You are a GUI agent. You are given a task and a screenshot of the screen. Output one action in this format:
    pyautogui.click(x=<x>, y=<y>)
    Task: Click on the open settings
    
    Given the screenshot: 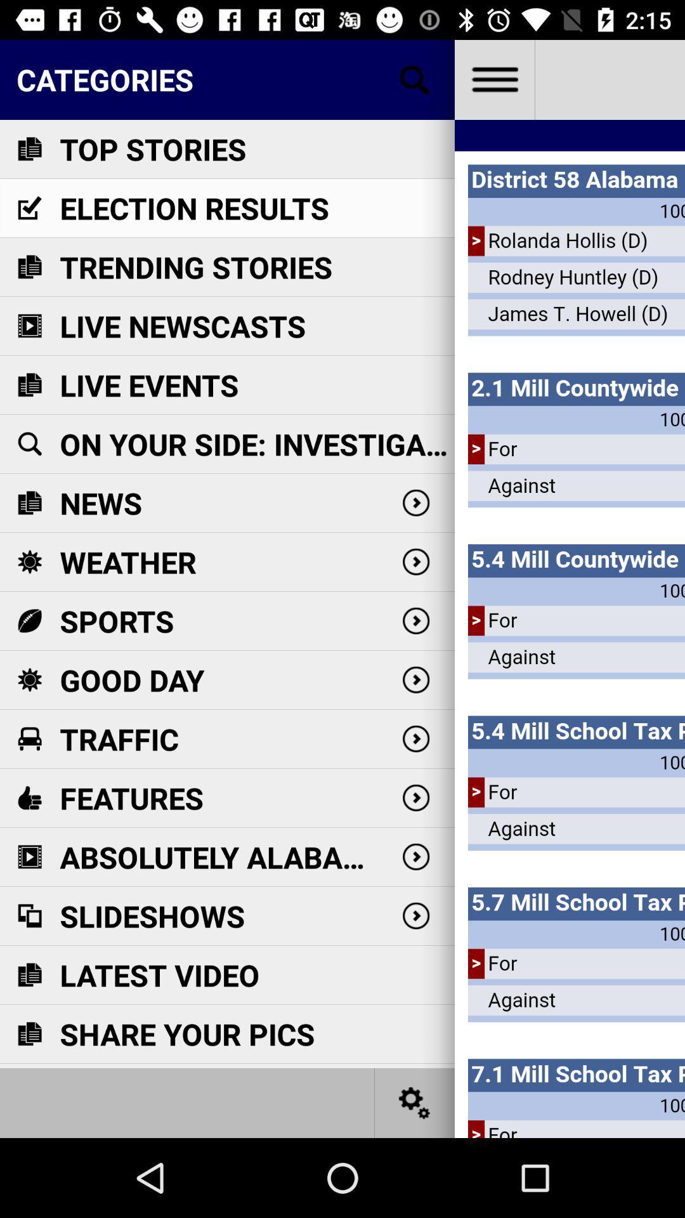 What is the action you would take?
    pyautogui.click(x=415, y=1102)
    